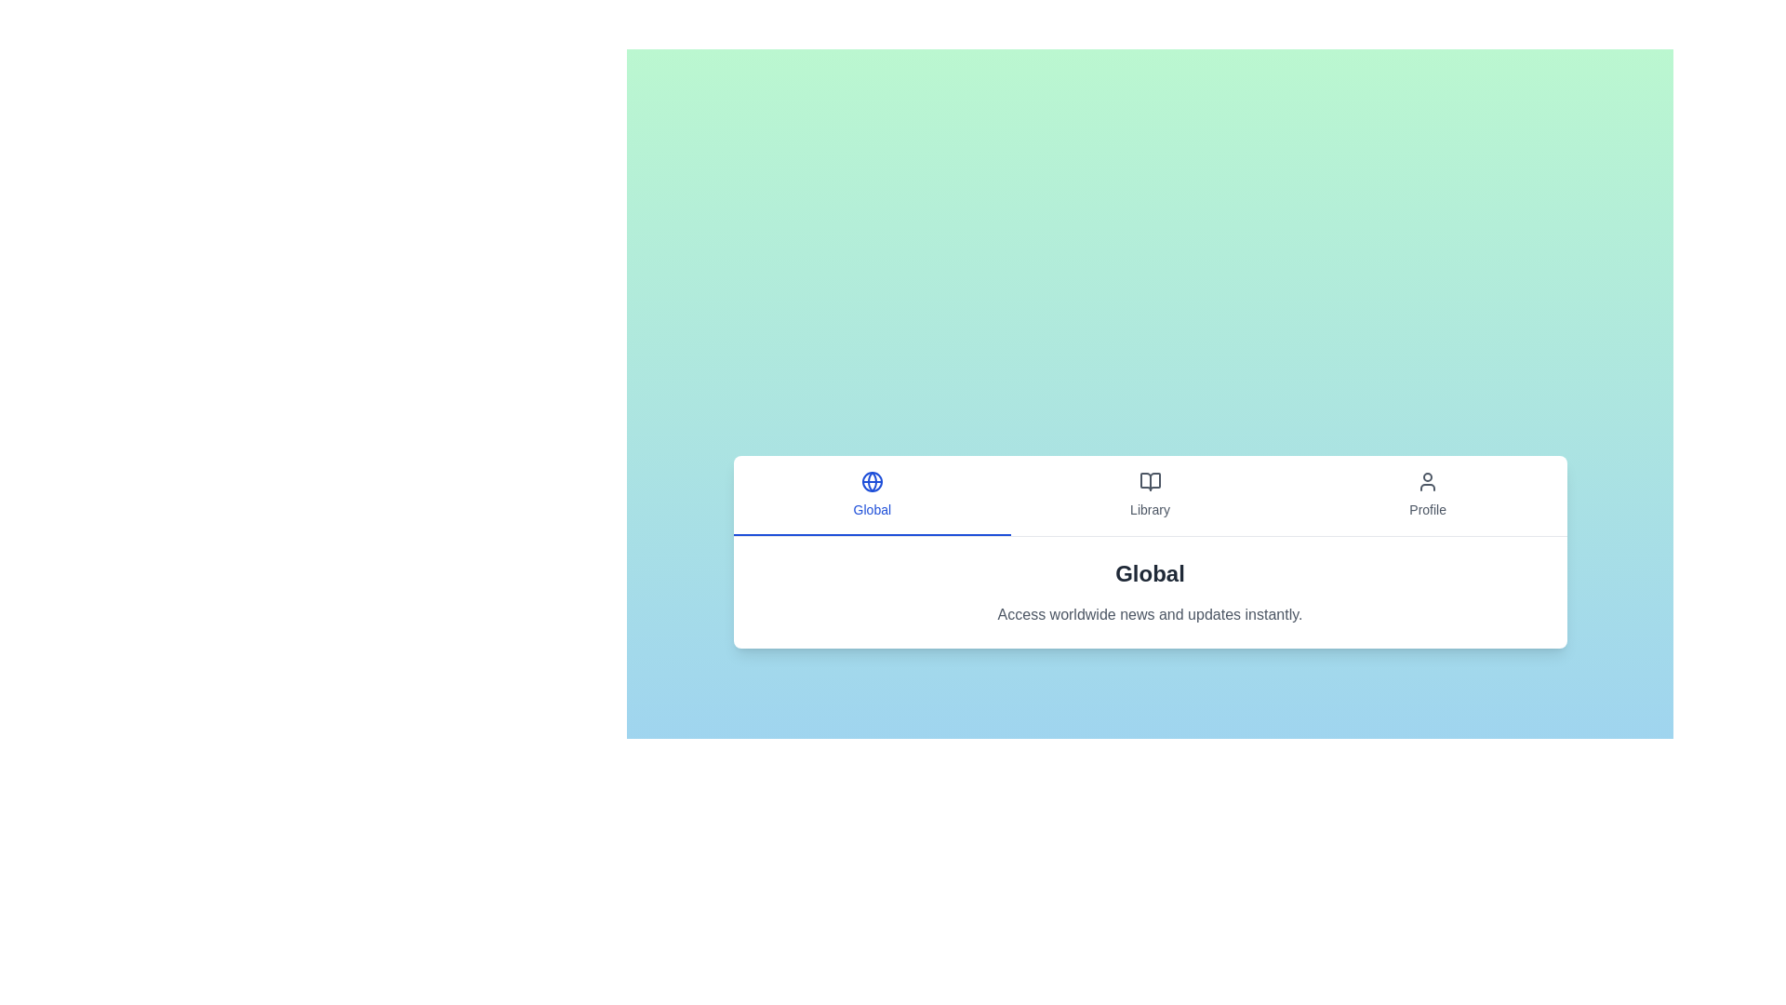  I want to click on the tab button corresponding to Global, so click(871, 494).